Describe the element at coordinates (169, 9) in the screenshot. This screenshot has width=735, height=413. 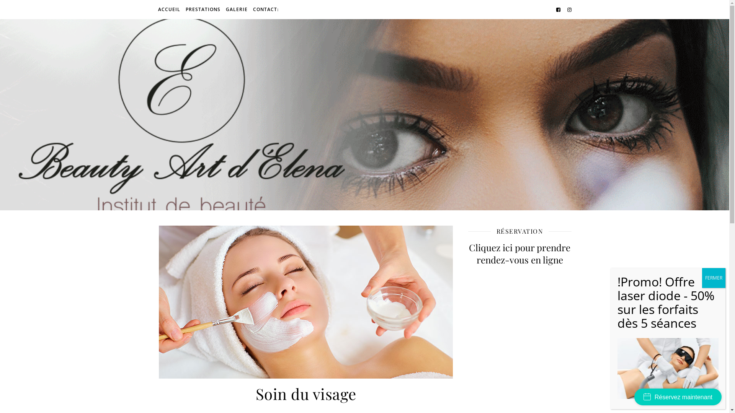
I see `'ACCUEIL'` at that location.